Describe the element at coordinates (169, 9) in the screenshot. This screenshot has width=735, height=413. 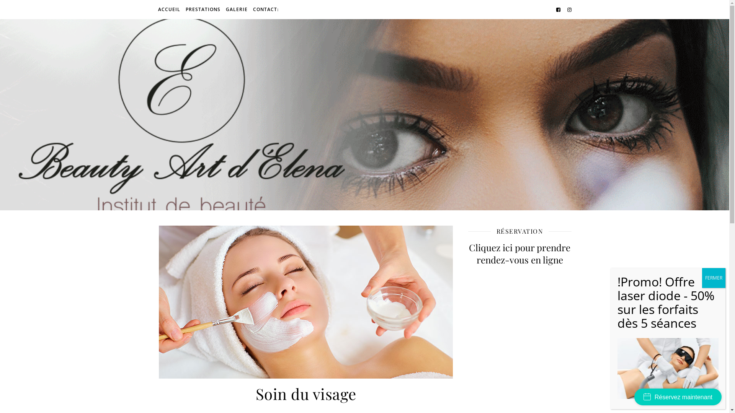
I see `'ACCUEIL'` at that location.